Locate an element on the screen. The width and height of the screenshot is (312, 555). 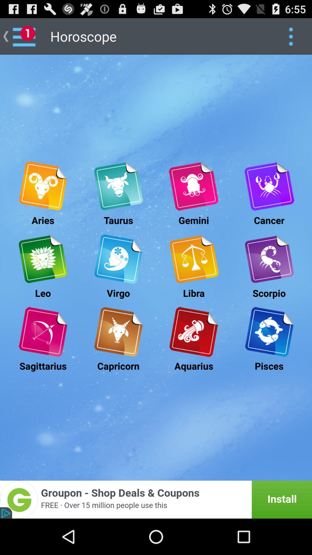
look libra horoscope is located at coordinates (194, 259).